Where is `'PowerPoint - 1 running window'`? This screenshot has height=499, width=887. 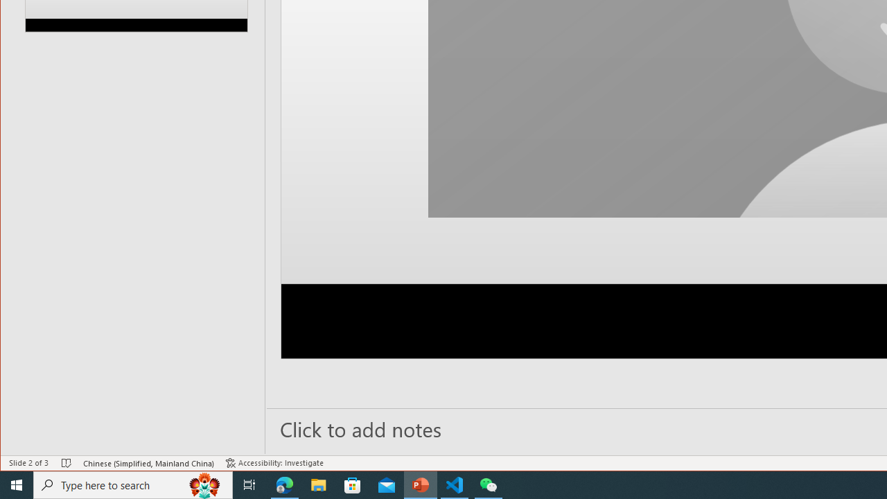
'PowerPoint - 1 running window' is located at coordinates (420, 484).